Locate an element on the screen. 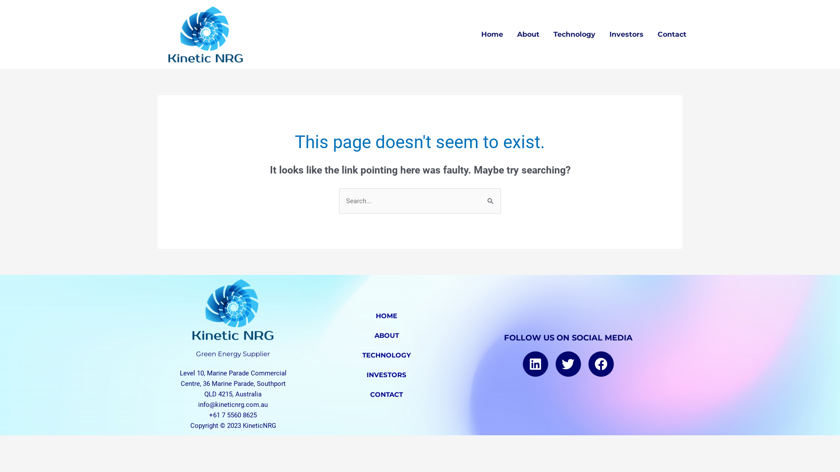 This screenshot has height=472, width=840. 'Search' is located at coordinates (491, 197).